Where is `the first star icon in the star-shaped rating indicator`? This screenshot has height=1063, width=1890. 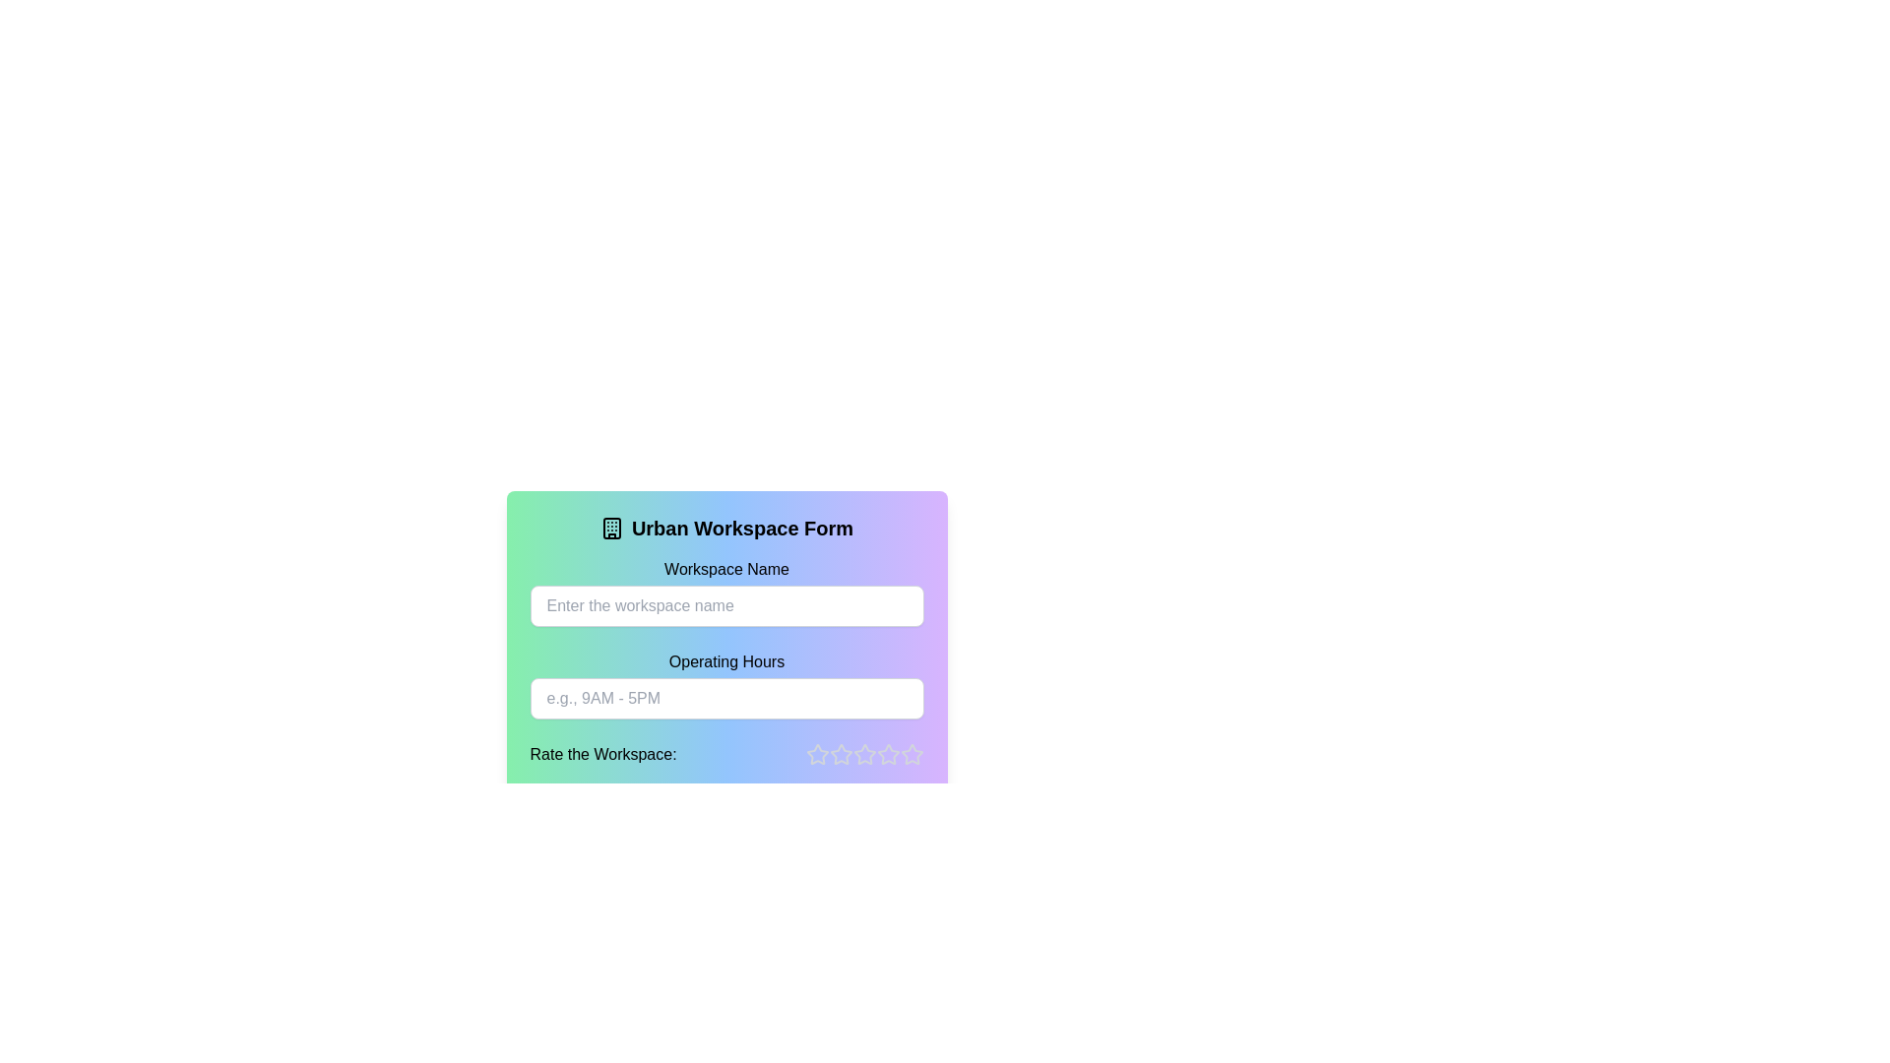 the first star icon in the star-shaped rating indicator is located at coordinates (817, 754).